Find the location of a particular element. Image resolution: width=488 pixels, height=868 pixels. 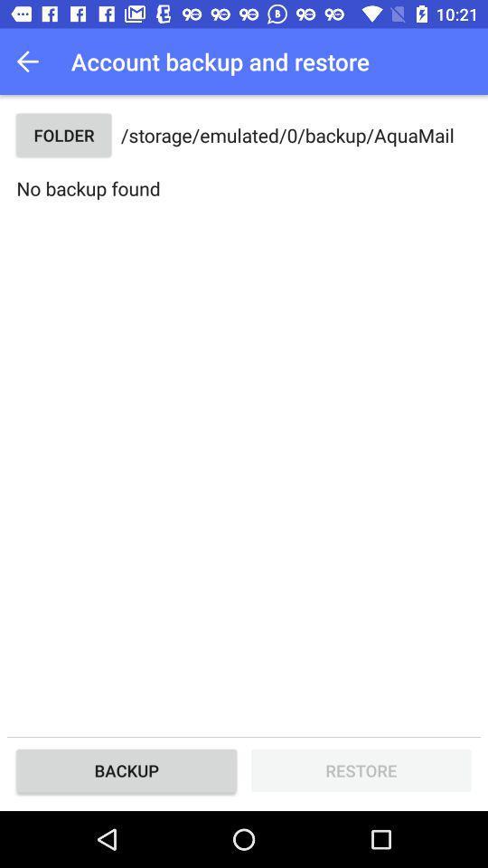

icon to the left of the account backup and item is located at coordinates (33, 61).